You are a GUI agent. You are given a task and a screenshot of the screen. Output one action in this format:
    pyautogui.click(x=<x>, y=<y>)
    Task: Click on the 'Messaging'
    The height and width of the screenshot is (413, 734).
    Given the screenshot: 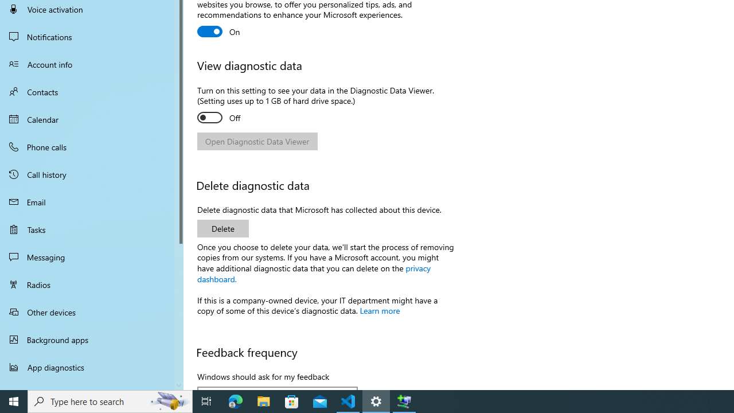 What is the action you would take?
    pyautogui.click(x=92, y=256)
    